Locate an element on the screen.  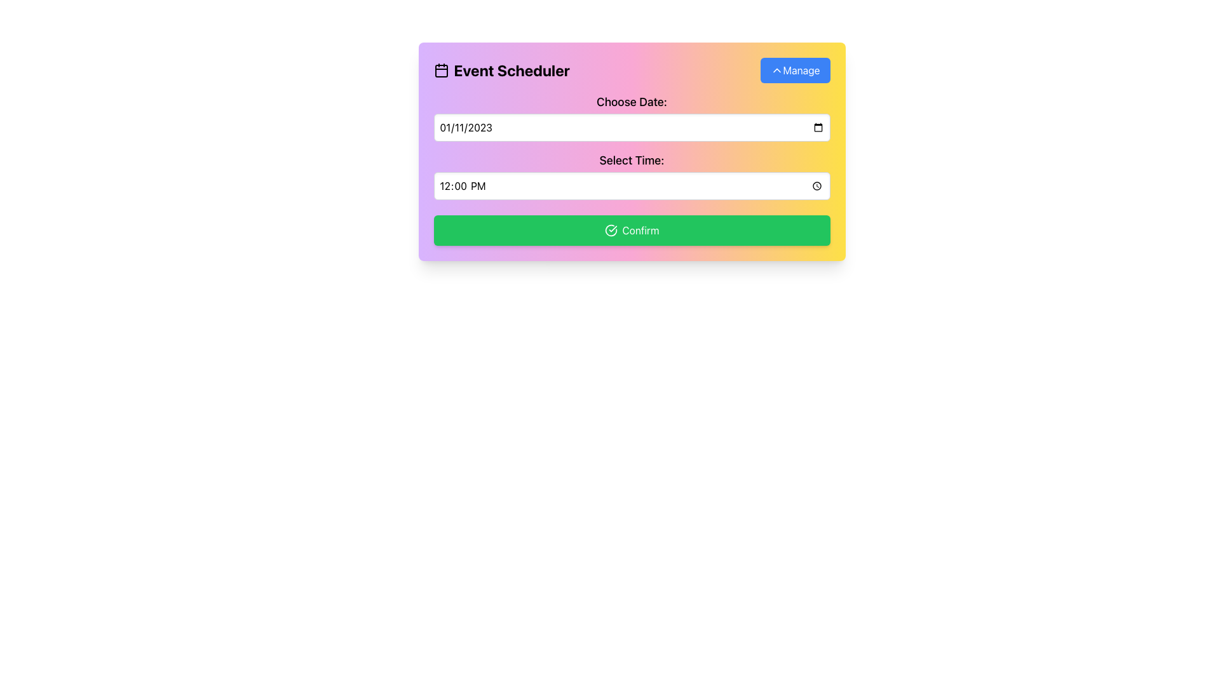
the confirmation button which has a decorative SVG icon to the left of the text 'Confirm', enhancing its visual appeal is located at coordinates (611, 230).